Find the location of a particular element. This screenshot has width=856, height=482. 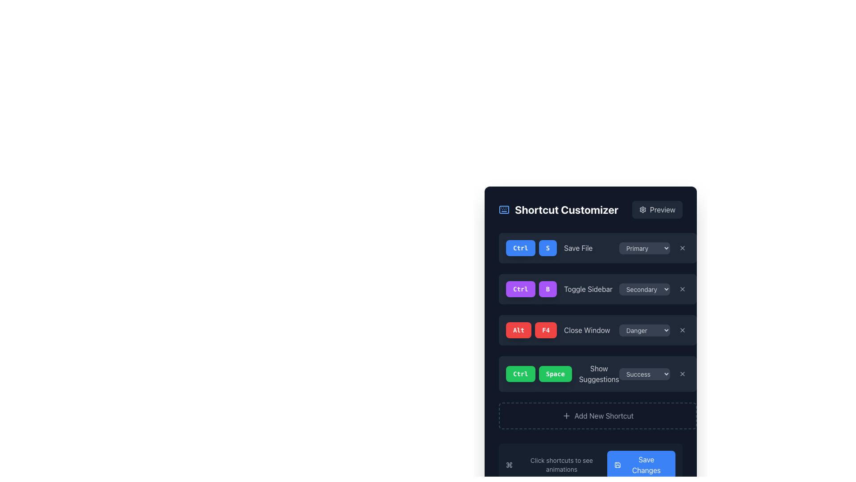

the button representing the 'S' keybinding, which is located immediately to the right of the 'Ctrl' button in the horizontal grouping of buttons is located at coordinates (547, 248).